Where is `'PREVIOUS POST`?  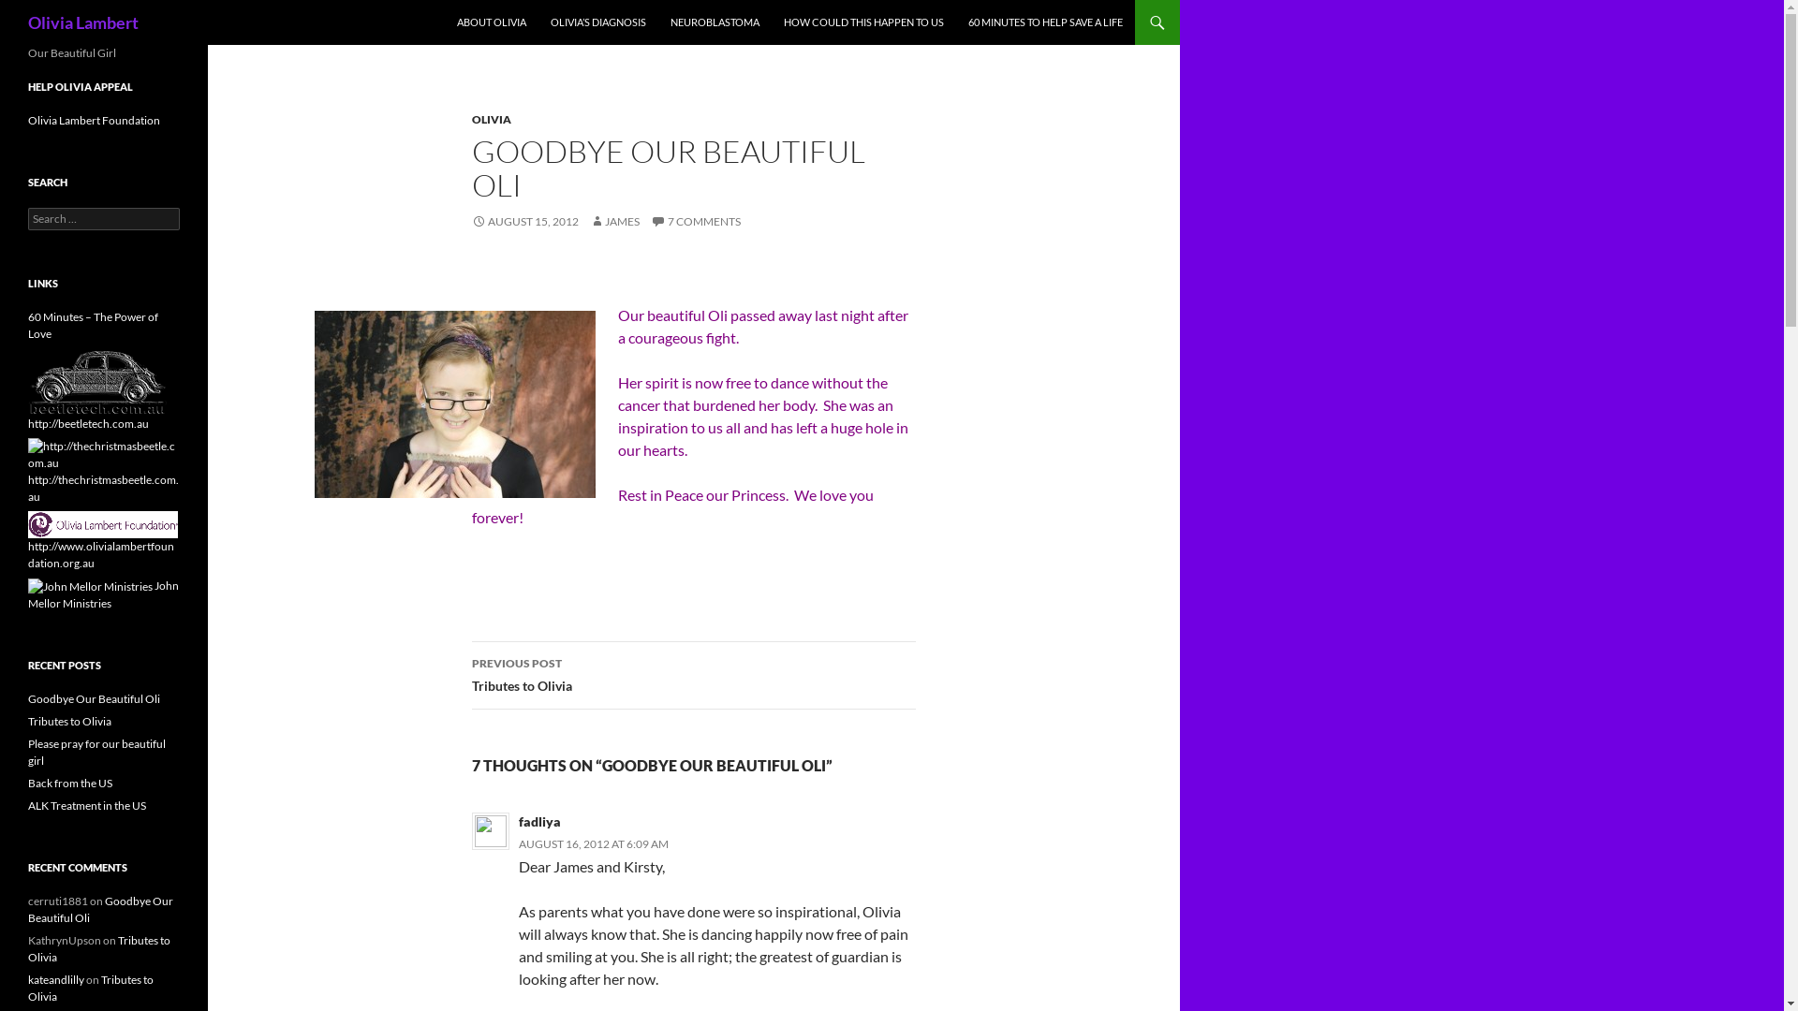 'PREVIOUS POST is located at coordinates (692, 675).